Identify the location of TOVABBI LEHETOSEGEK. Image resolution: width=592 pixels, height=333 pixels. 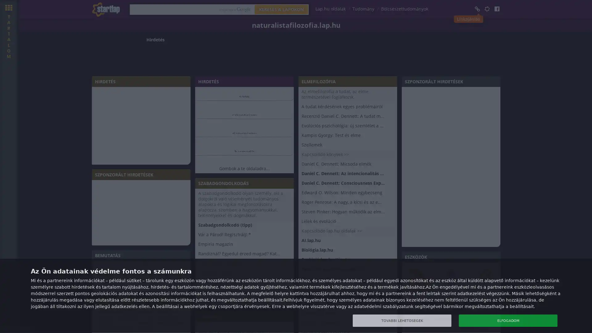
(402, 320).